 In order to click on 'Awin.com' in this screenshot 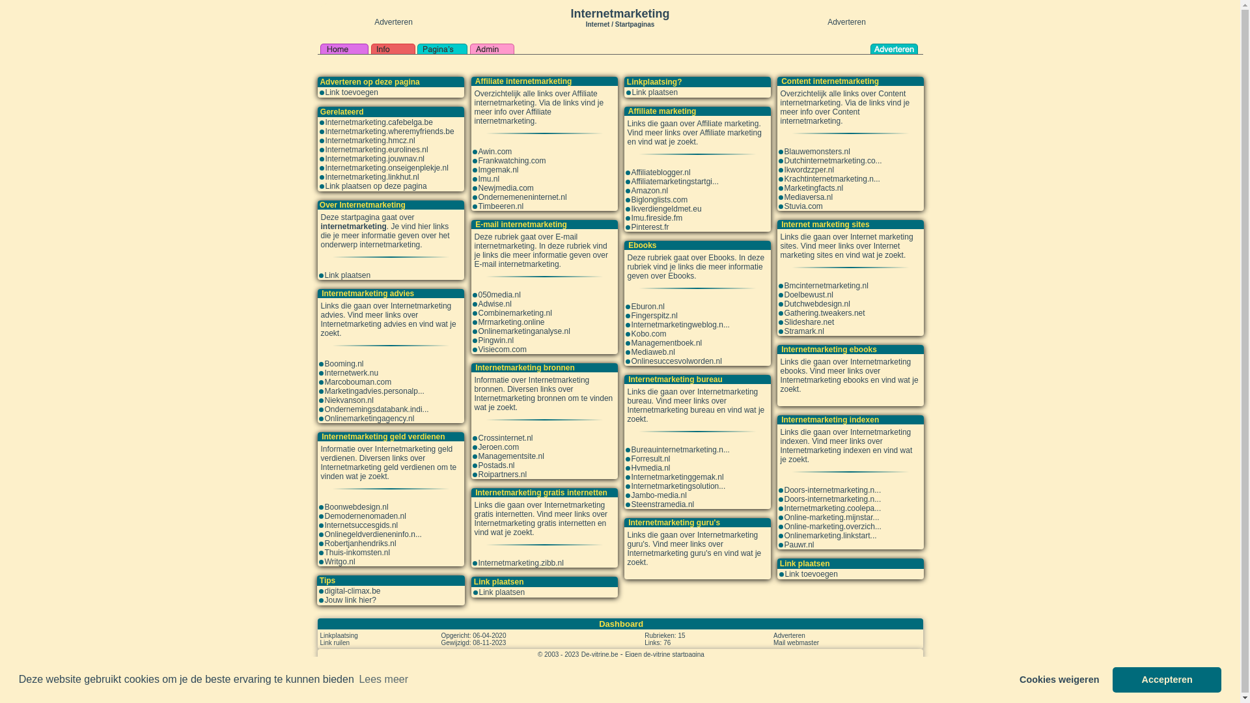, I will do `click(493, 150)`.